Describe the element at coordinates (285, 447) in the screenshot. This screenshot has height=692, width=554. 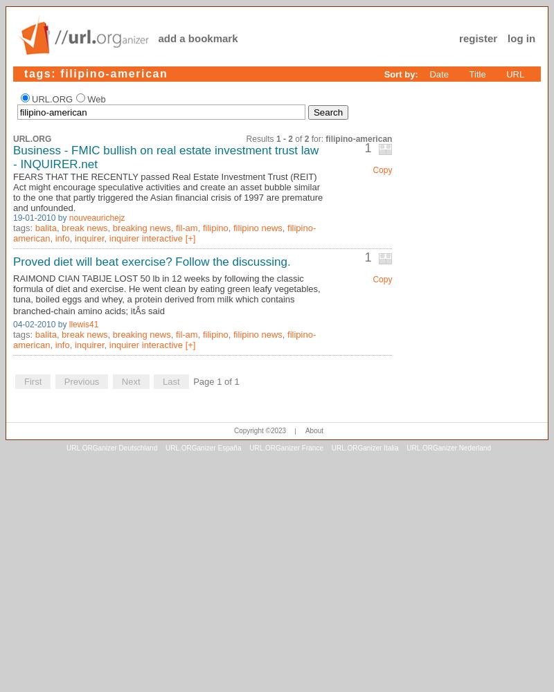
I see `'URL.ORGanizer France'` at that location.